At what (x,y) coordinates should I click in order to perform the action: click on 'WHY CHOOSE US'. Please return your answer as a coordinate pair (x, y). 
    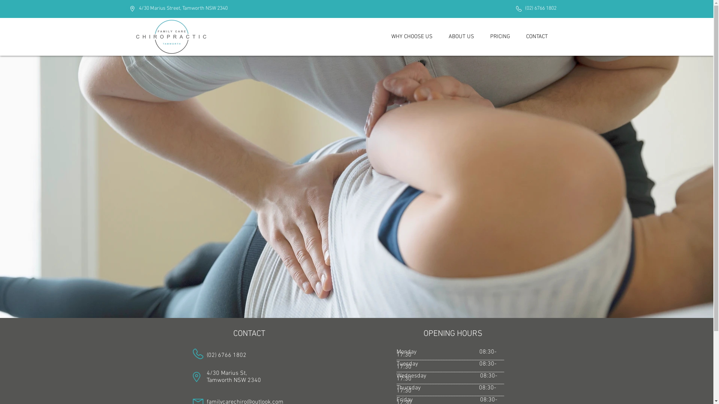
    Looking at the image, I should click on (411, 37).